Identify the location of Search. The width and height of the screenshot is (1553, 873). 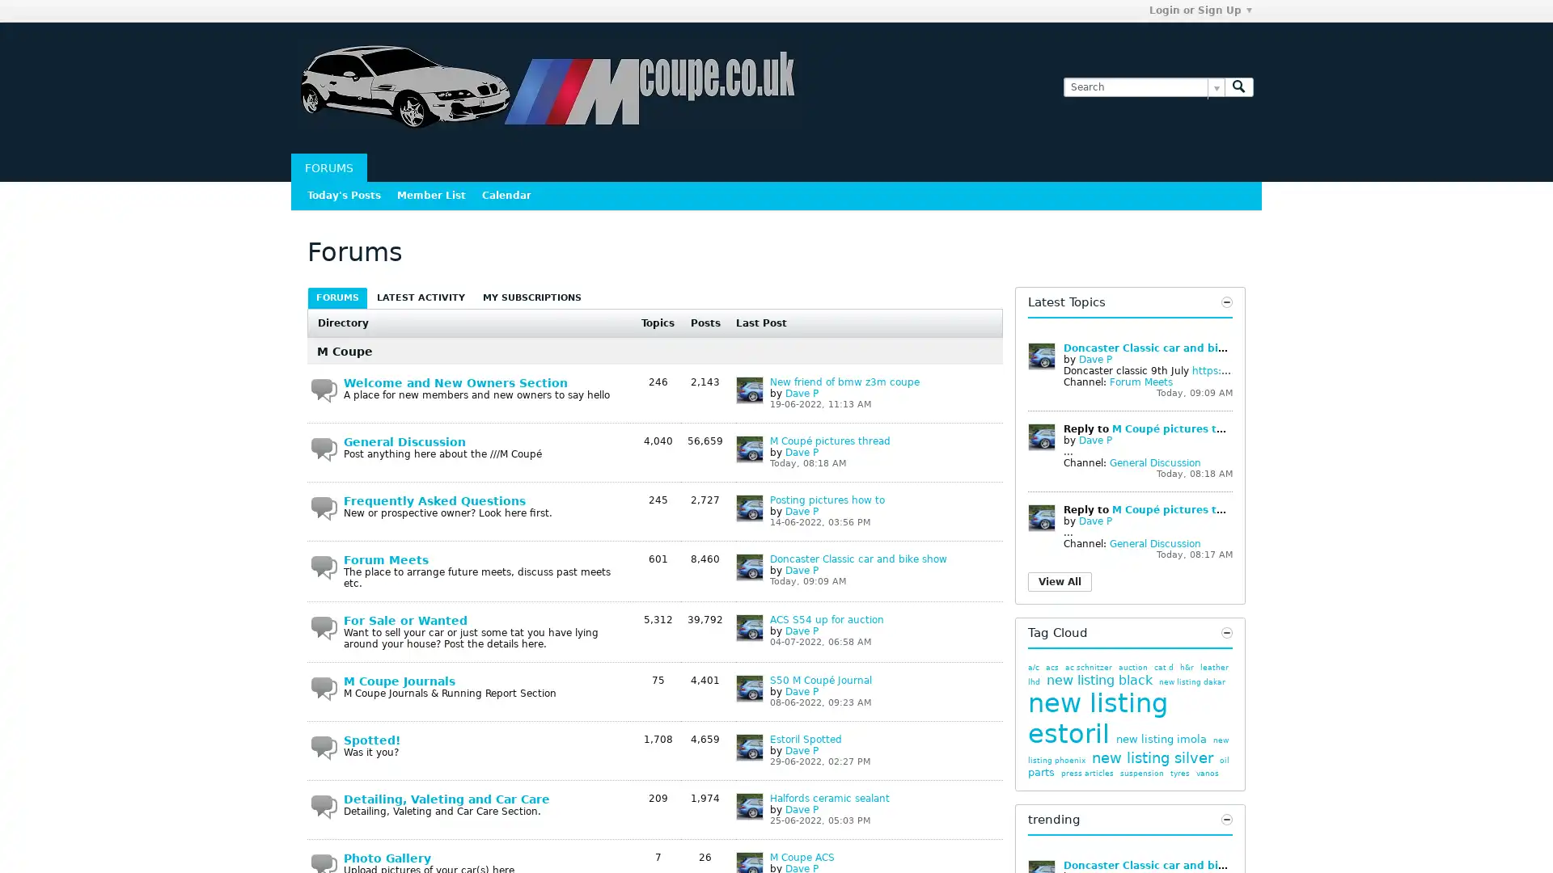
(1238, 86).